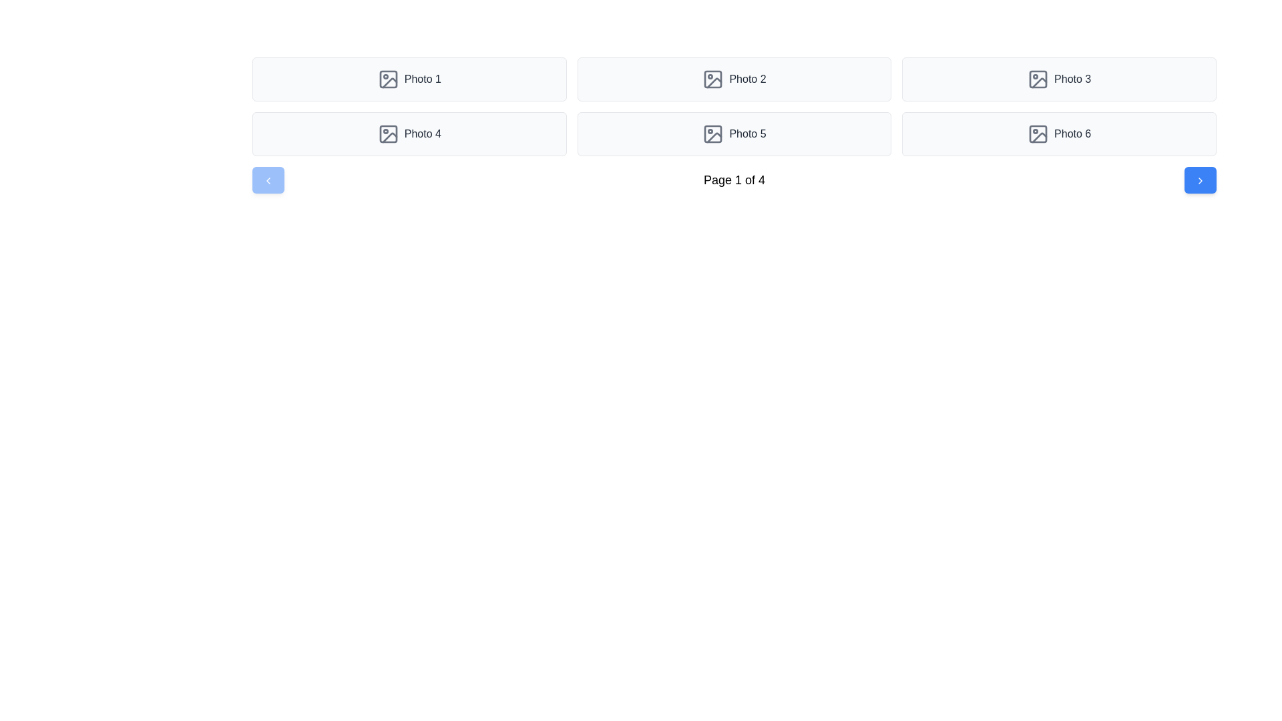  I want to click on the image icon representing 'Photo 6' for selection, which is located in the last grid item of a 2x3 arrangement, so click(1038, 134).